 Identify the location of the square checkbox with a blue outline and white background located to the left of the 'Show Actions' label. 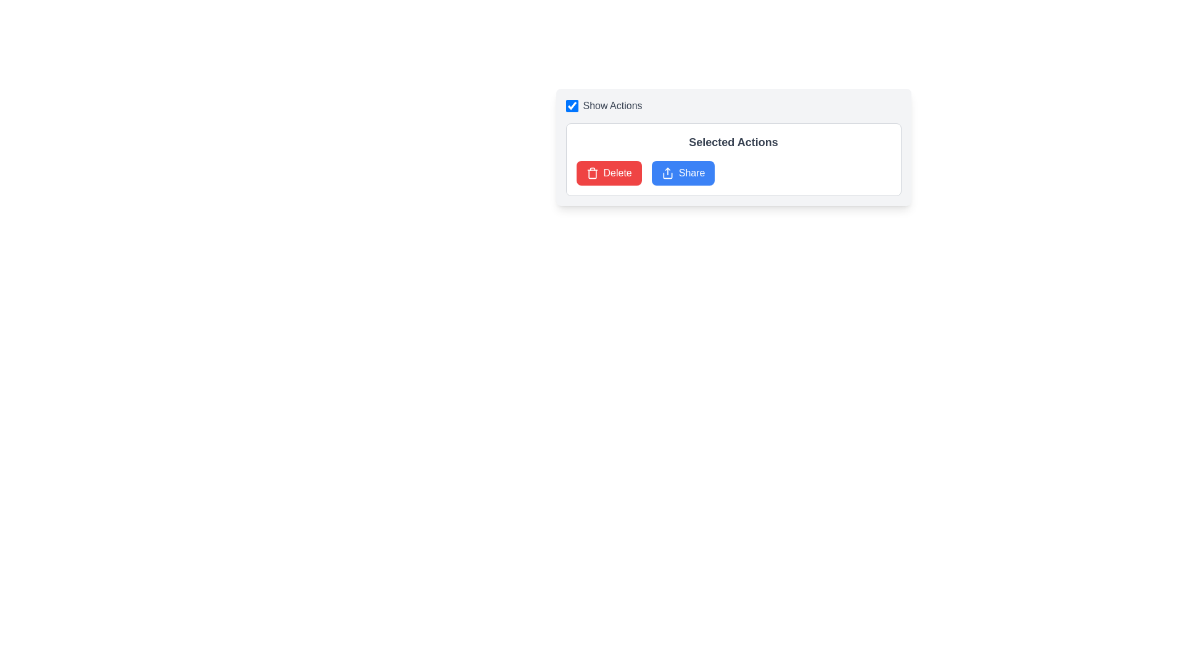
(571, 105).